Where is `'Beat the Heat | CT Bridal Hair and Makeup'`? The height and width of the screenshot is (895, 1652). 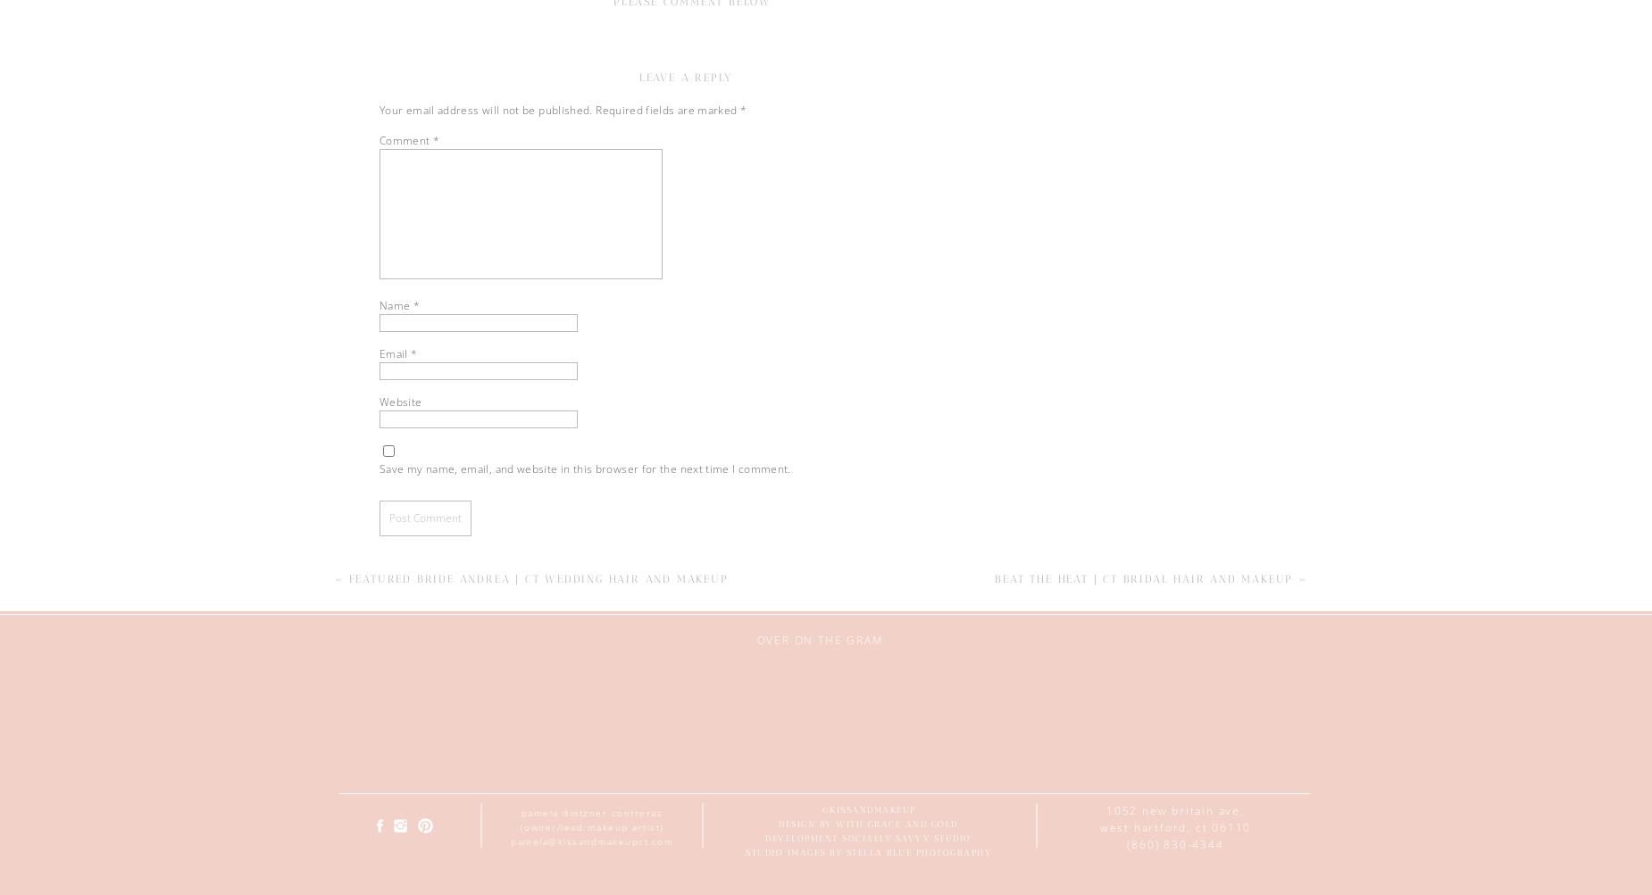 'Beat the Heat | CT Bridal Hair and Makeup' is located at coordinates (1142, 578).